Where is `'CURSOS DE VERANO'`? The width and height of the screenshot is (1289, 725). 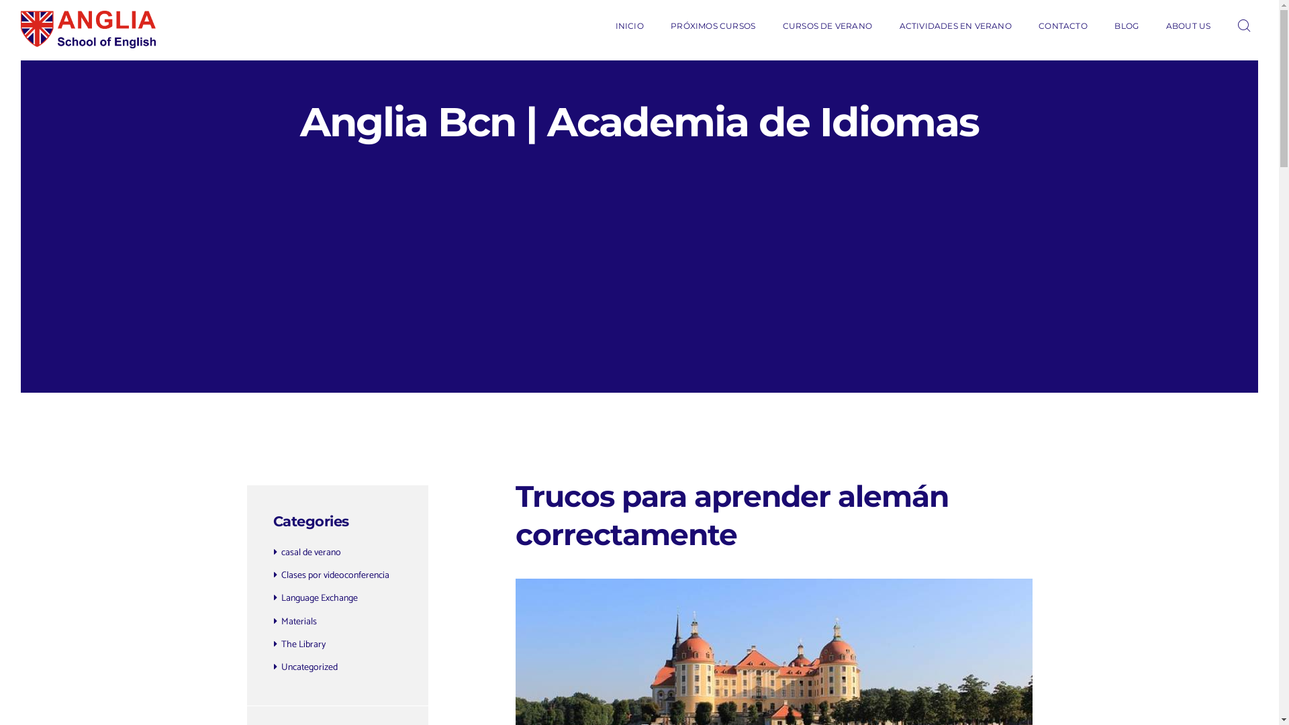 'CURSOS DE VERANO' is located at coordinates (827, 26).